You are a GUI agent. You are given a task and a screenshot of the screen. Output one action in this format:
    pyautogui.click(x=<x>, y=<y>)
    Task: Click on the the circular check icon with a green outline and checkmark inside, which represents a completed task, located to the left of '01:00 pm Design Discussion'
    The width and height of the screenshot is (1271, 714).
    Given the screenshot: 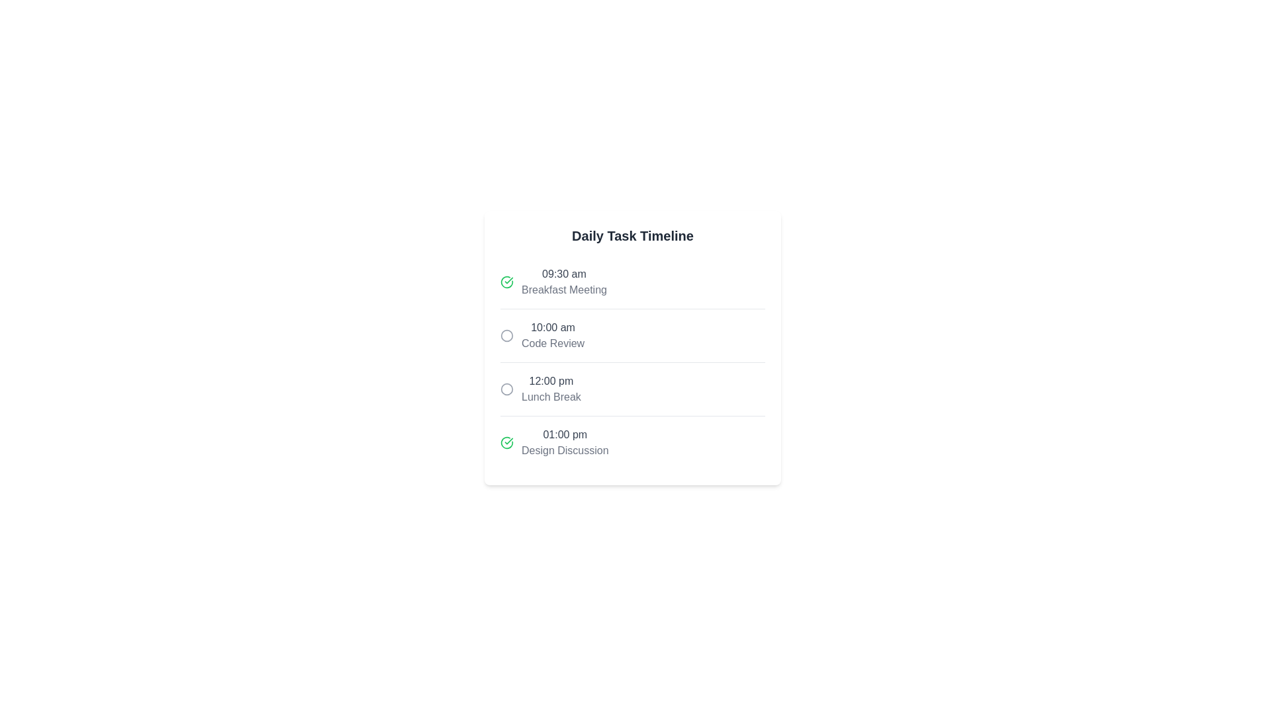 What is the action you would take?
    pyautogui.click(x=506, y=443)
    